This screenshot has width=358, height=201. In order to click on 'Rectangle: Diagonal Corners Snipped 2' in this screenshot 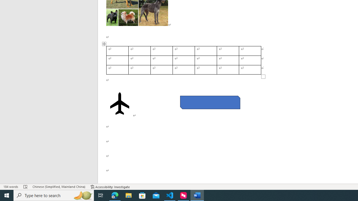, I will do `click(210, 102)`.